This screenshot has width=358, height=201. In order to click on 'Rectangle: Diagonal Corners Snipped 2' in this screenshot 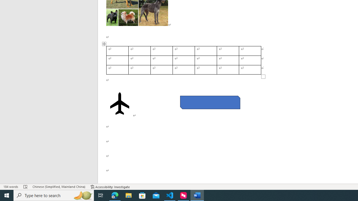, I will do `click(210, 102)`.